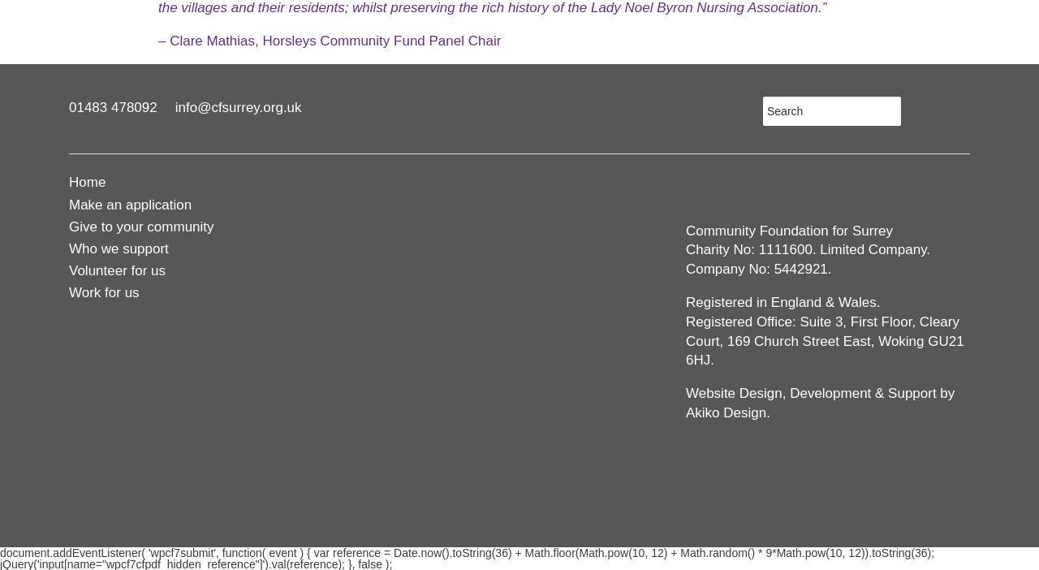  What do you see at coordinates (685, 269) in the screenshot?
I see `'Company No: 5442921.'` at bounding box center [685, 269].